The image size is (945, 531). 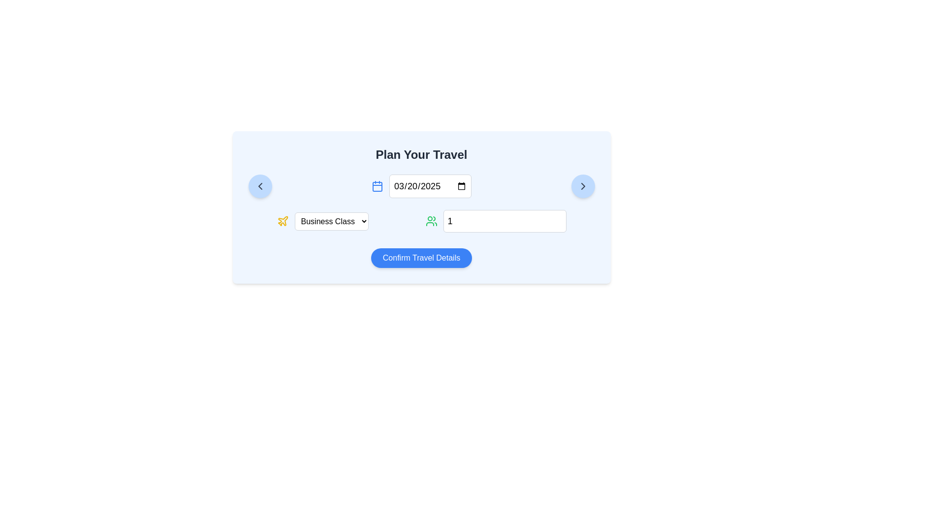 I want to click on the first calendar icon located to the left of the date input field, so click(x=377, y=186).